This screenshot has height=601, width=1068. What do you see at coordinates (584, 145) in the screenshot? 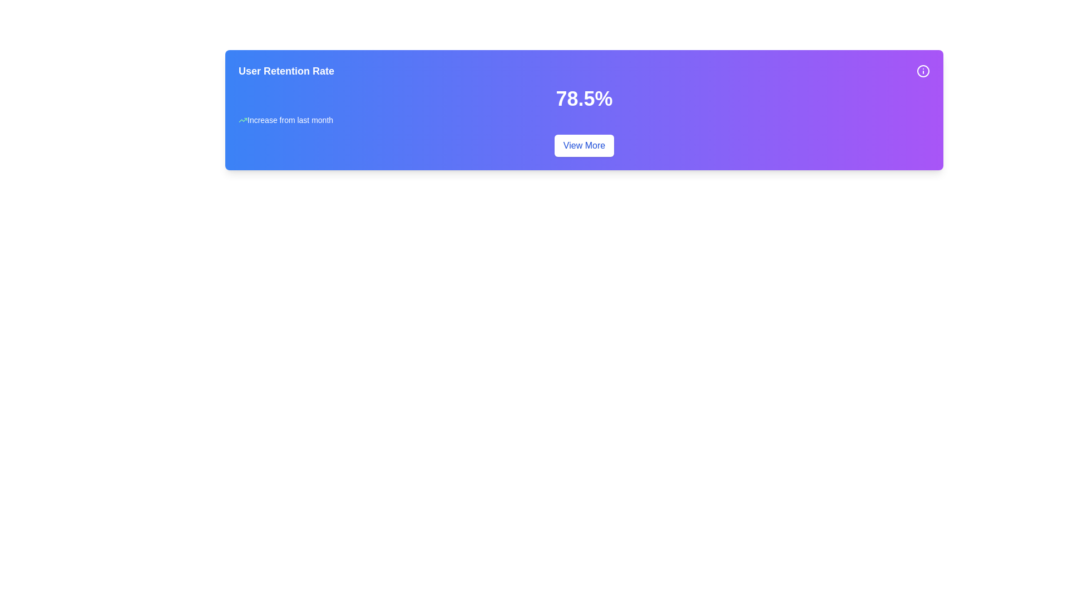
I see `the button located beneath the '78.5%' statistic within the purple gradient panel to trigger the background color change effect` at bounding box center [584, 145].